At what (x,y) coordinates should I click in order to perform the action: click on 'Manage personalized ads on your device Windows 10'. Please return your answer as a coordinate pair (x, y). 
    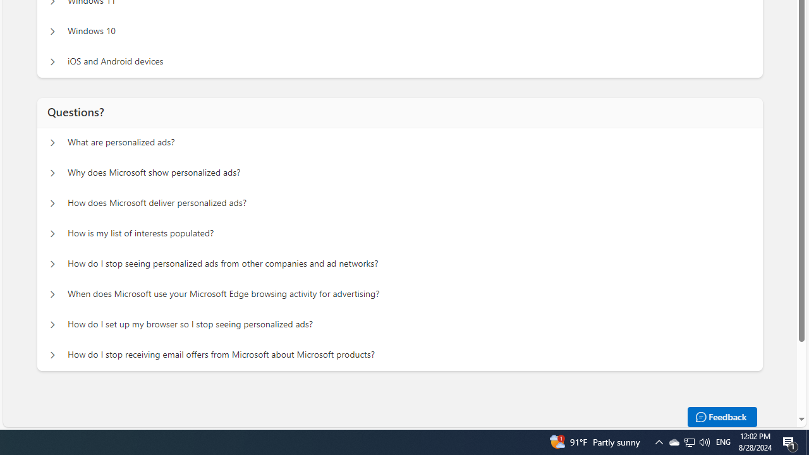
    Looking at the image, I should click on (52, 31).